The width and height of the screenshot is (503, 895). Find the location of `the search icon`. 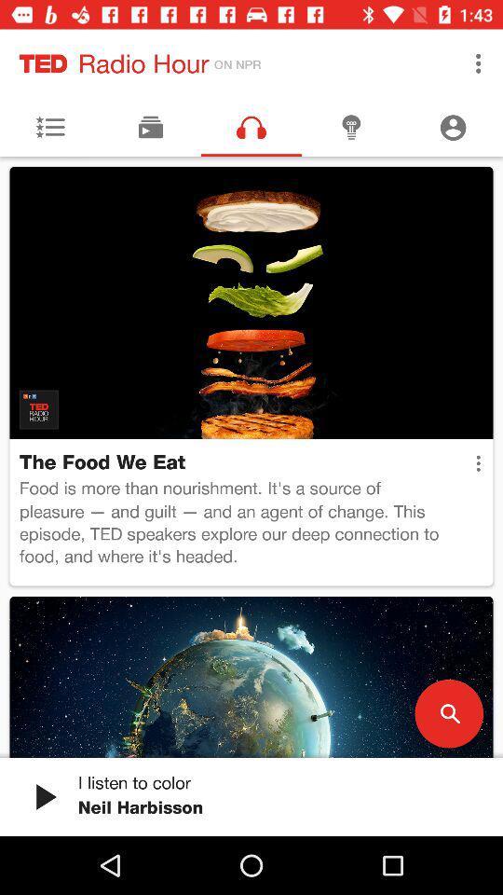

the search icon is located at coordinates (448, 712).